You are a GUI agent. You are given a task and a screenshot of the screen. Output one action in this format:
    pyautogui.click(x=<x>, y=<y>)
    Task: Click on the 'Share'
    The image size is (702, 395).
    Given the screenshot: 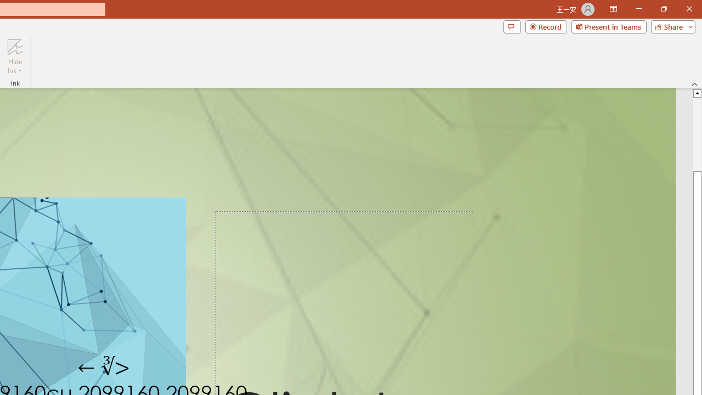 What is the action you would take?
    pyautogui.click(x=670, y=26)
    